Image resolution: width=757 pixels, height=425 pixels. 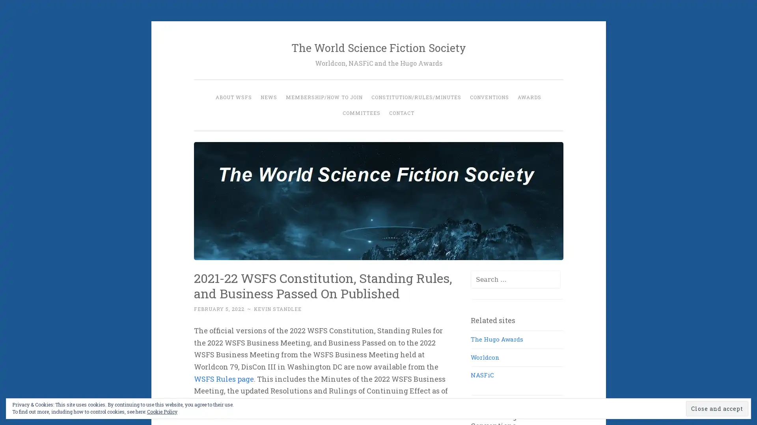 What do you see at coordinates (717, 408) in the screenshot?
I see `Close and accept` at bounding box center [717, 408].